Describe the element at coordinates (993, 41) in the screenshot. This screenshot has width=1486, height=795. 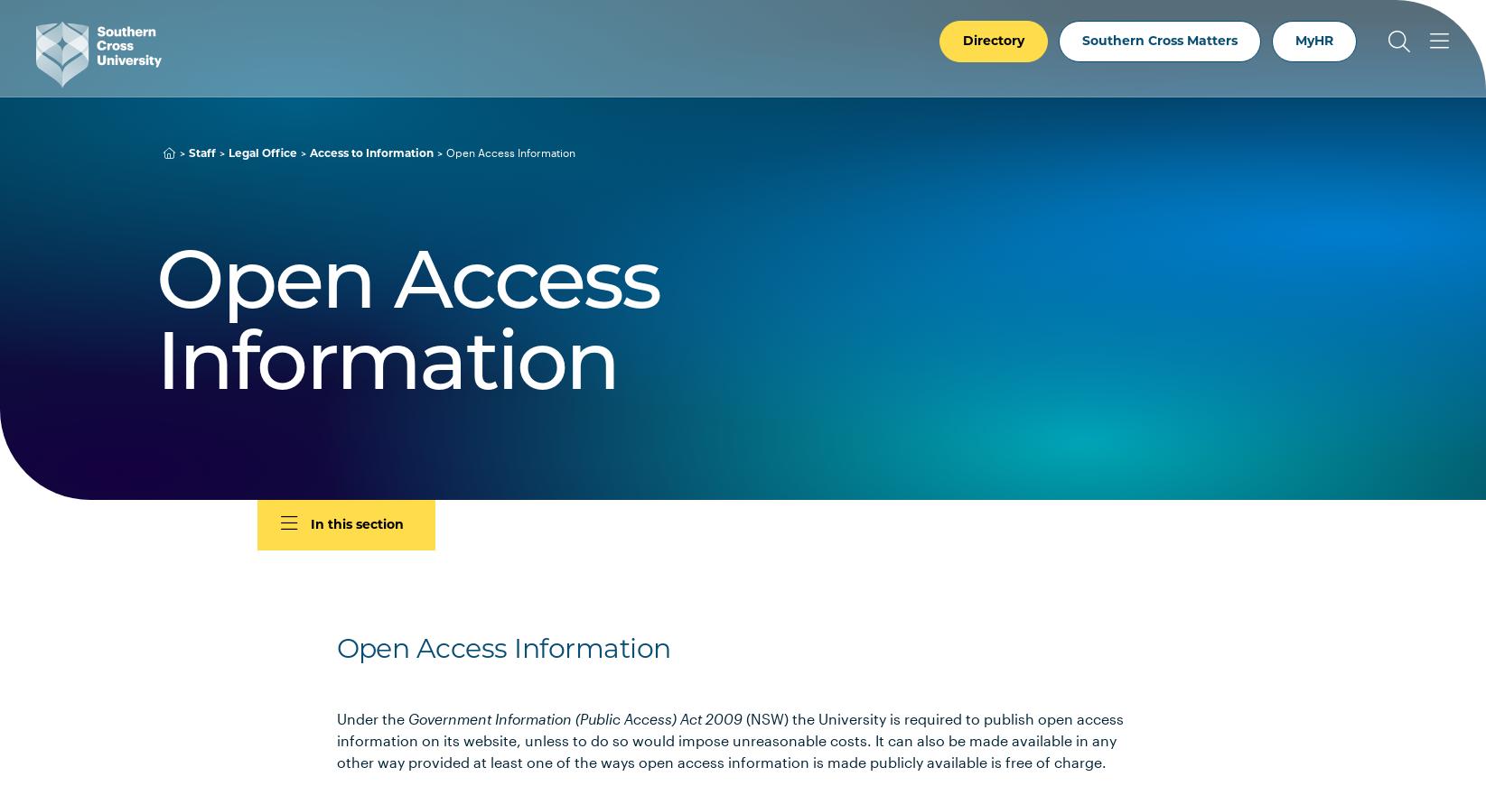
I see `'Directory'` at that location.